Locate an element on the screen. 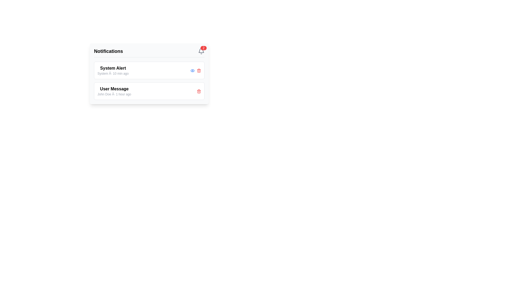 The width and height of the screenshot is (510, 287). the 'User Message' text element which is styled in bold and located in the lower notification card under the 'Notifications' section is located at coordinates (114, 89).